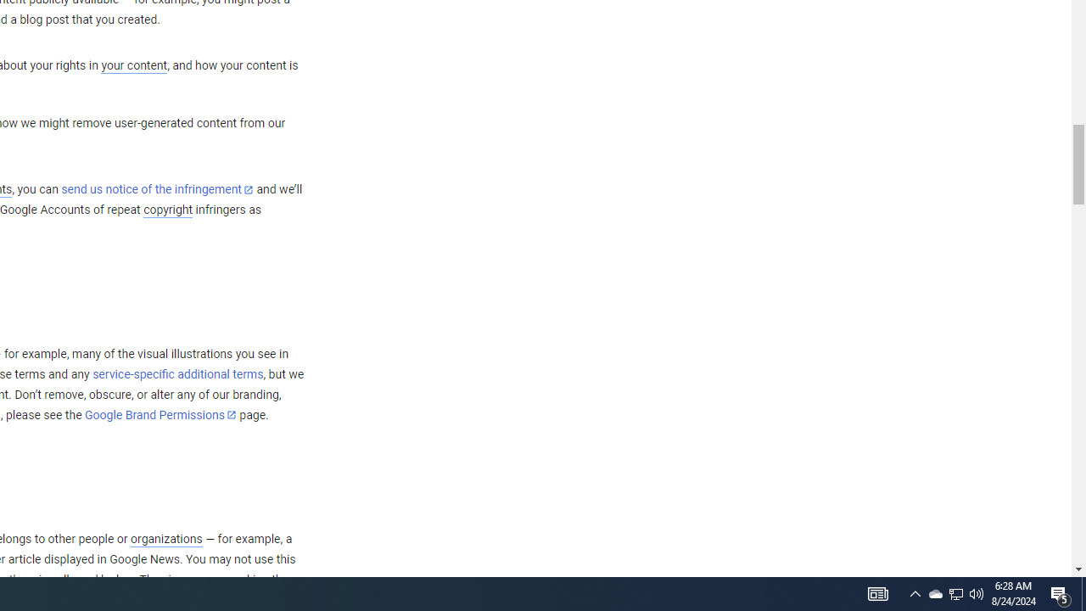  Describe the element at coordinates (160, 415) in the screenshot. I see `'Google Brand Permissions'` at that location.